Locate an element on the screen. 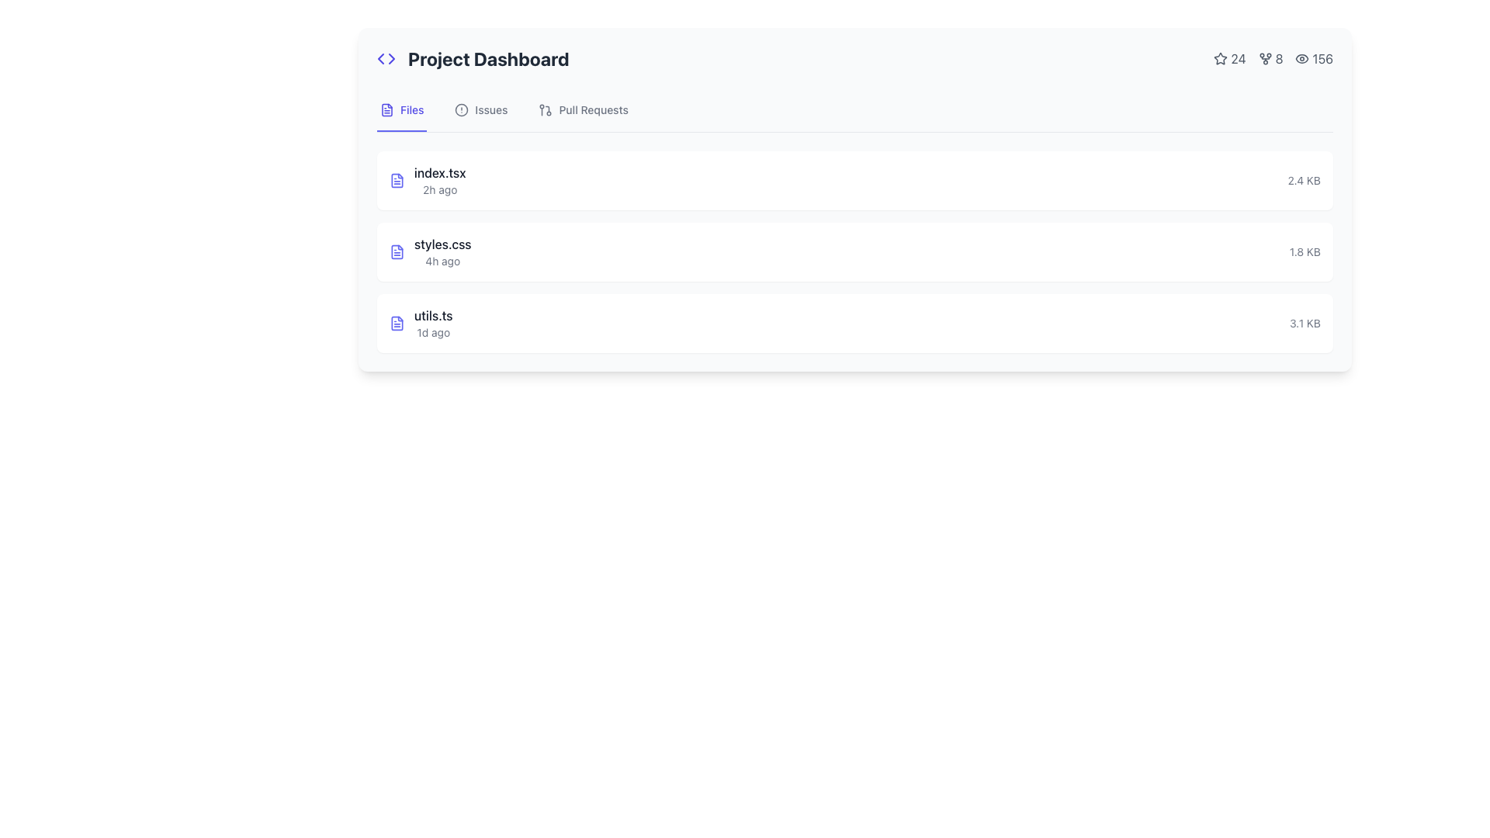 This screenshot has width=1490, height=838. text label that indicates the file size, which shows '3.1 KB' located at the bottom-right corner of the file list item labeled 'utils.ts' is located at coordinates (1304, 322).